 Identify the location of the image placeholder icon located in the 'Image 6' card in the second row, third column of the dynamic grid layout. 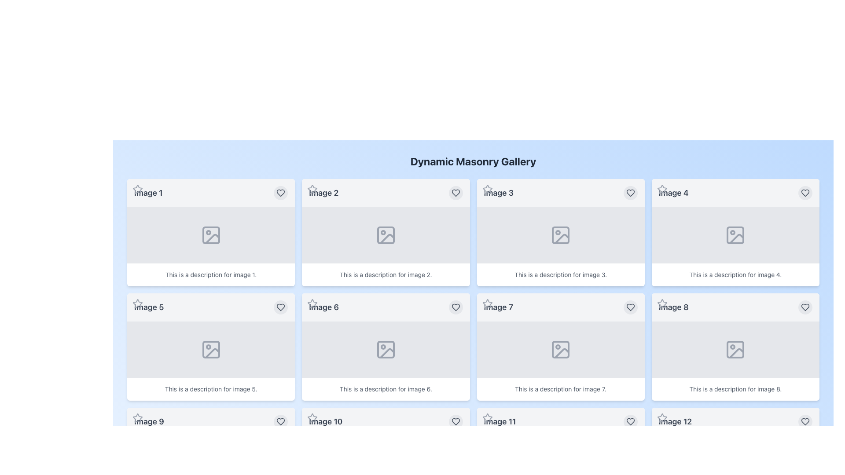
(386, 349).